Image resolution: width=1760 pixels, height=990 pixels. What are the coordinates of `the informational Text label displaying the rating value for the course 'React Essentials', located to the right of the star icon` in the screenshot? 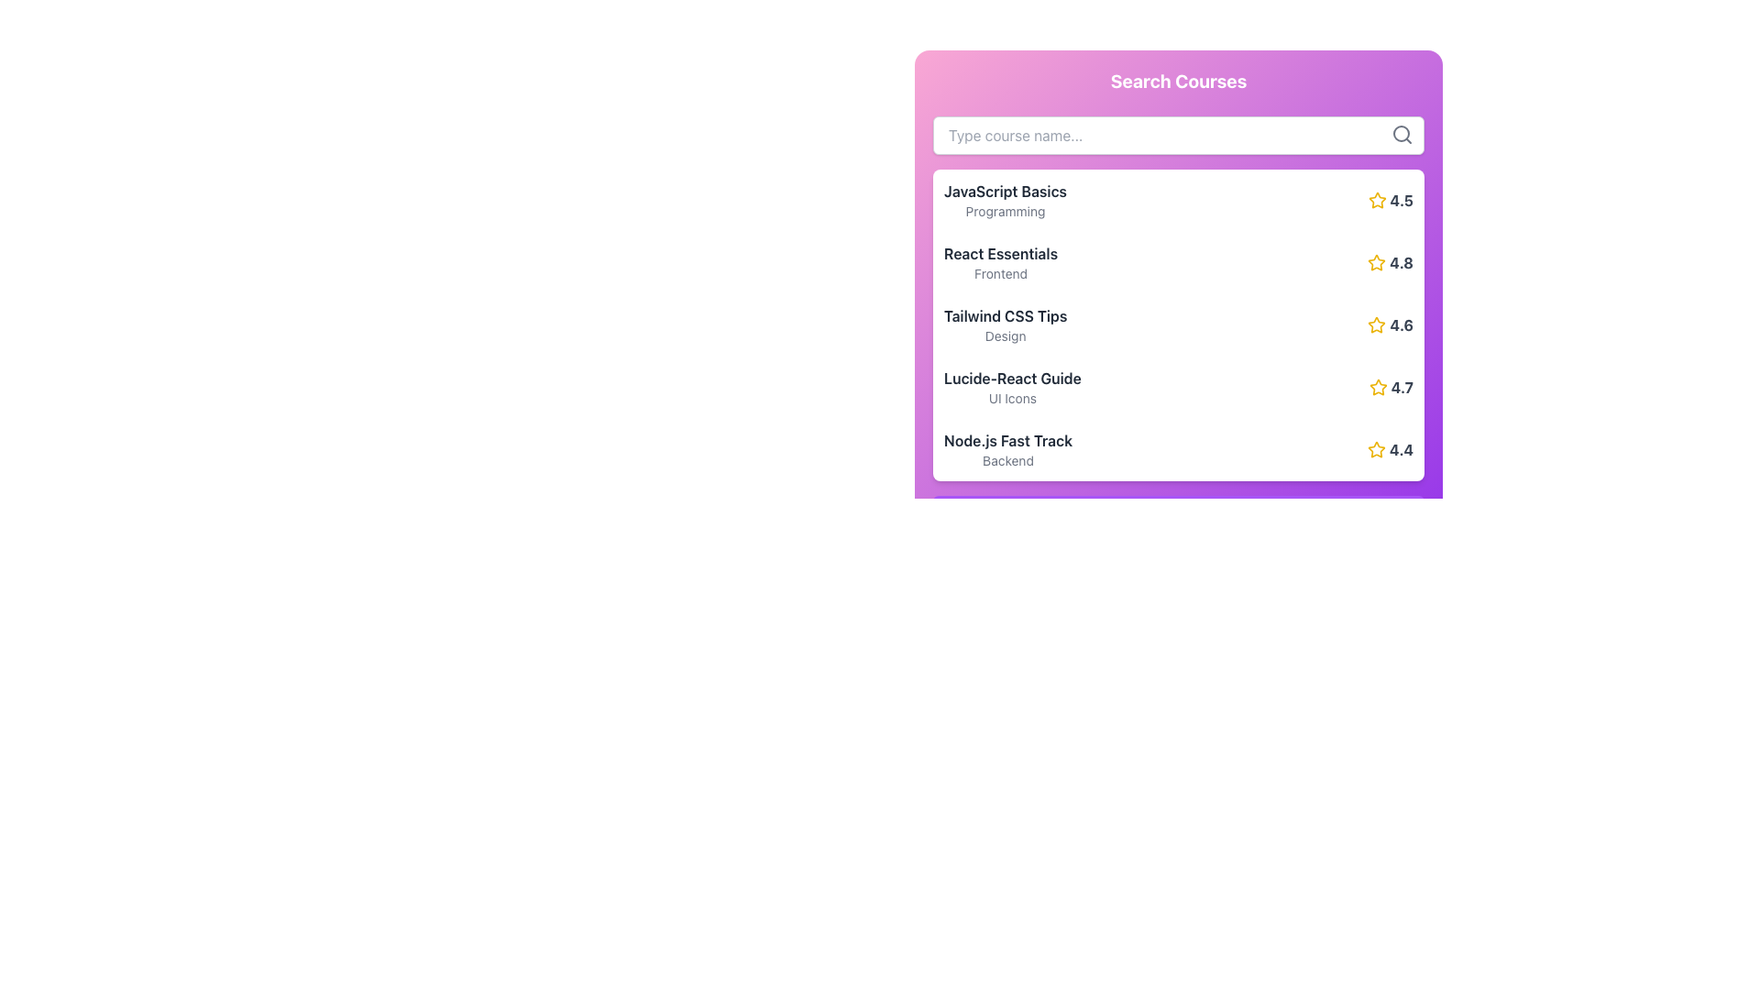 It's located at (1401, 262).